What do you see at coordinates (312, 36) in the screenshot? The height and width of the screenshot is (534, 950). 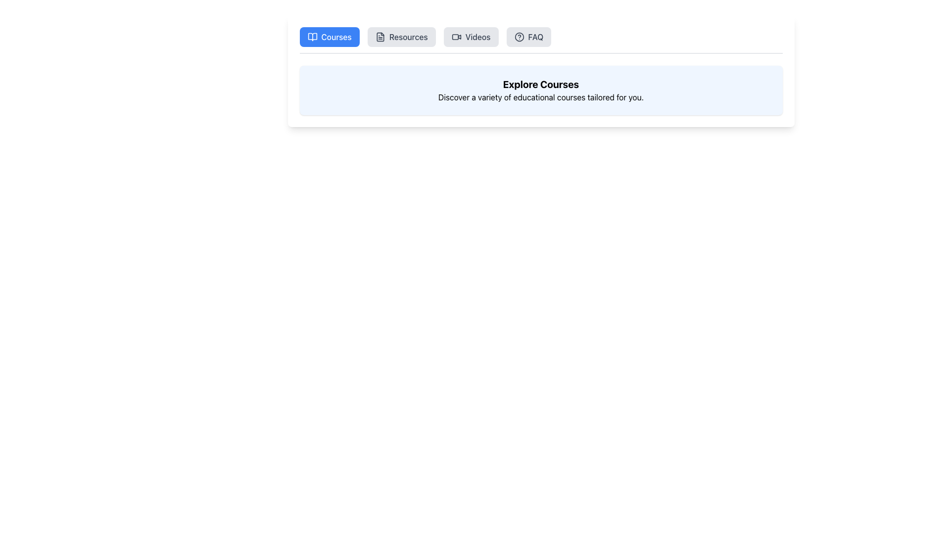 I see `the 'Courses' button, which is represented by an open book icon` at bounding box center [312, 36].